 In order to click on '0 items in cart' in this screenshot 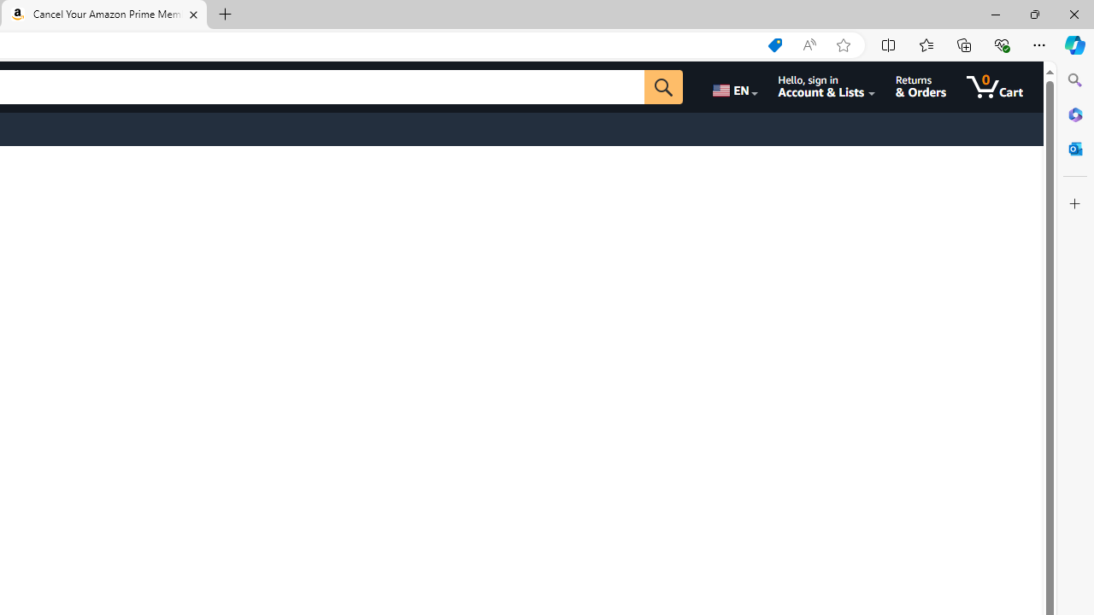, I will do `click(995, 86)`.